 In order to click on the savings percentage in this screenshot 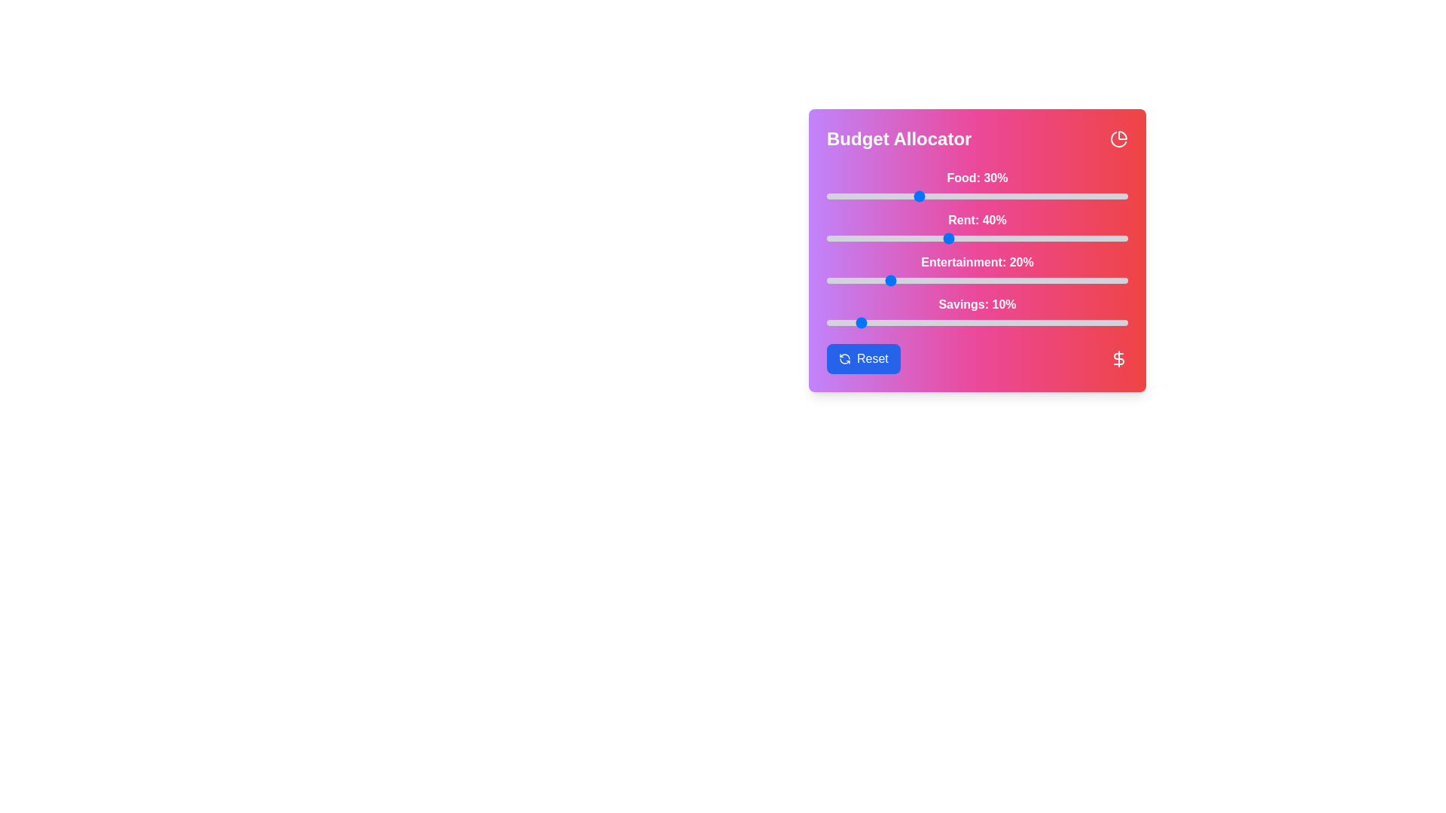, I will do `click(1076, 321)`.